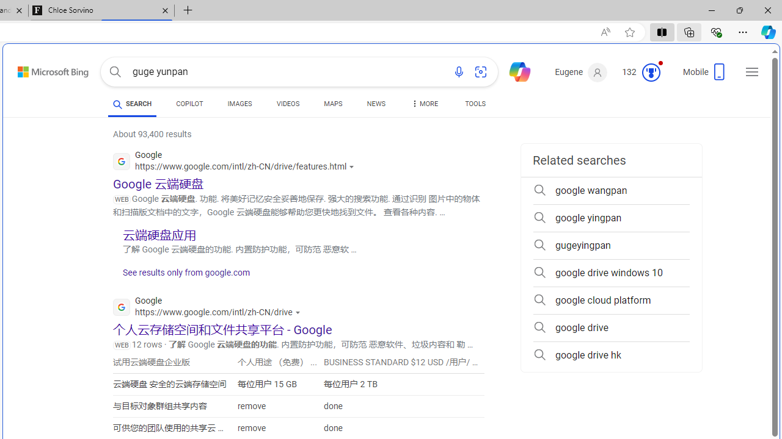 The width and height of the screenshot is (782, 439). What do you see at coordinates (423, 105) in the screenshot?
I see `'MORE'` at bounding box center [423, 105].